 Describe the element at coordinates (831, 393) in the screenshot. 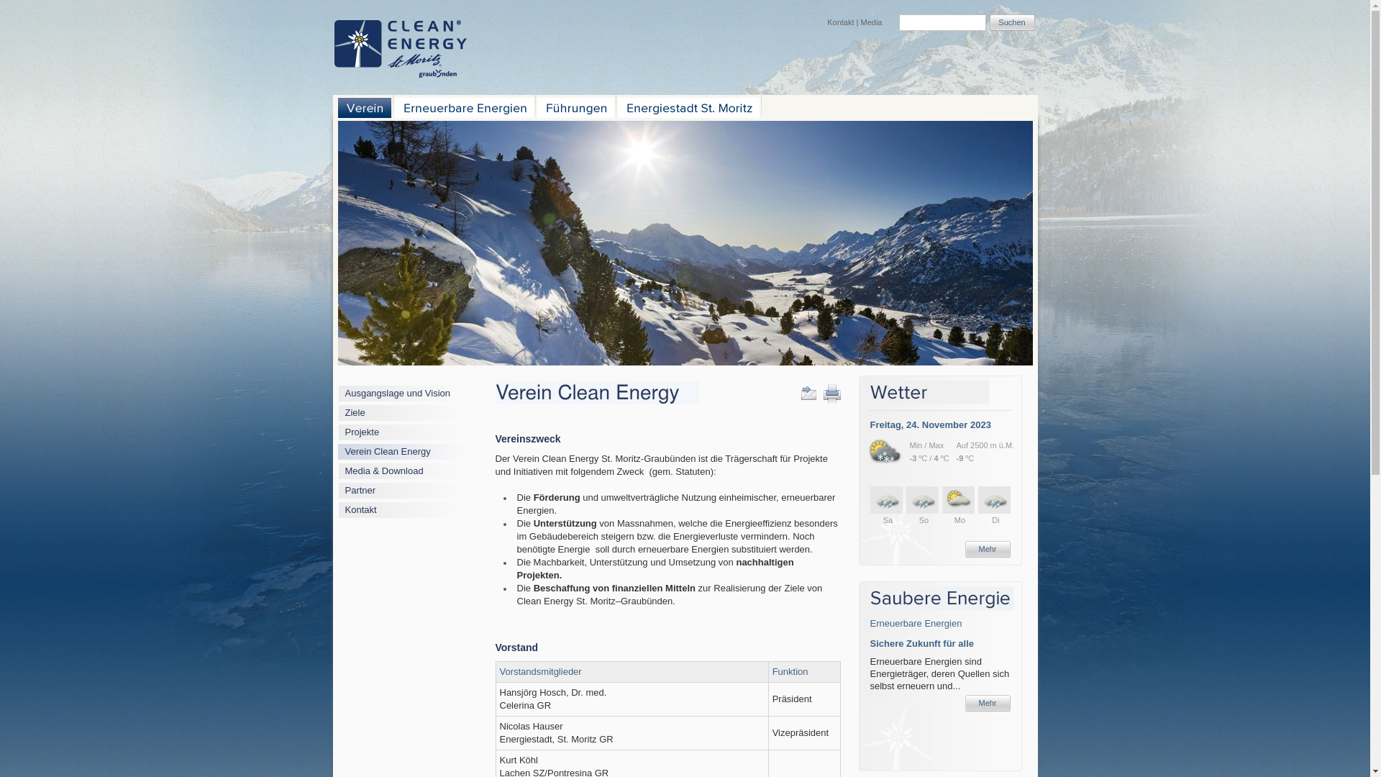

I see `'Seite drucken'` at that location.